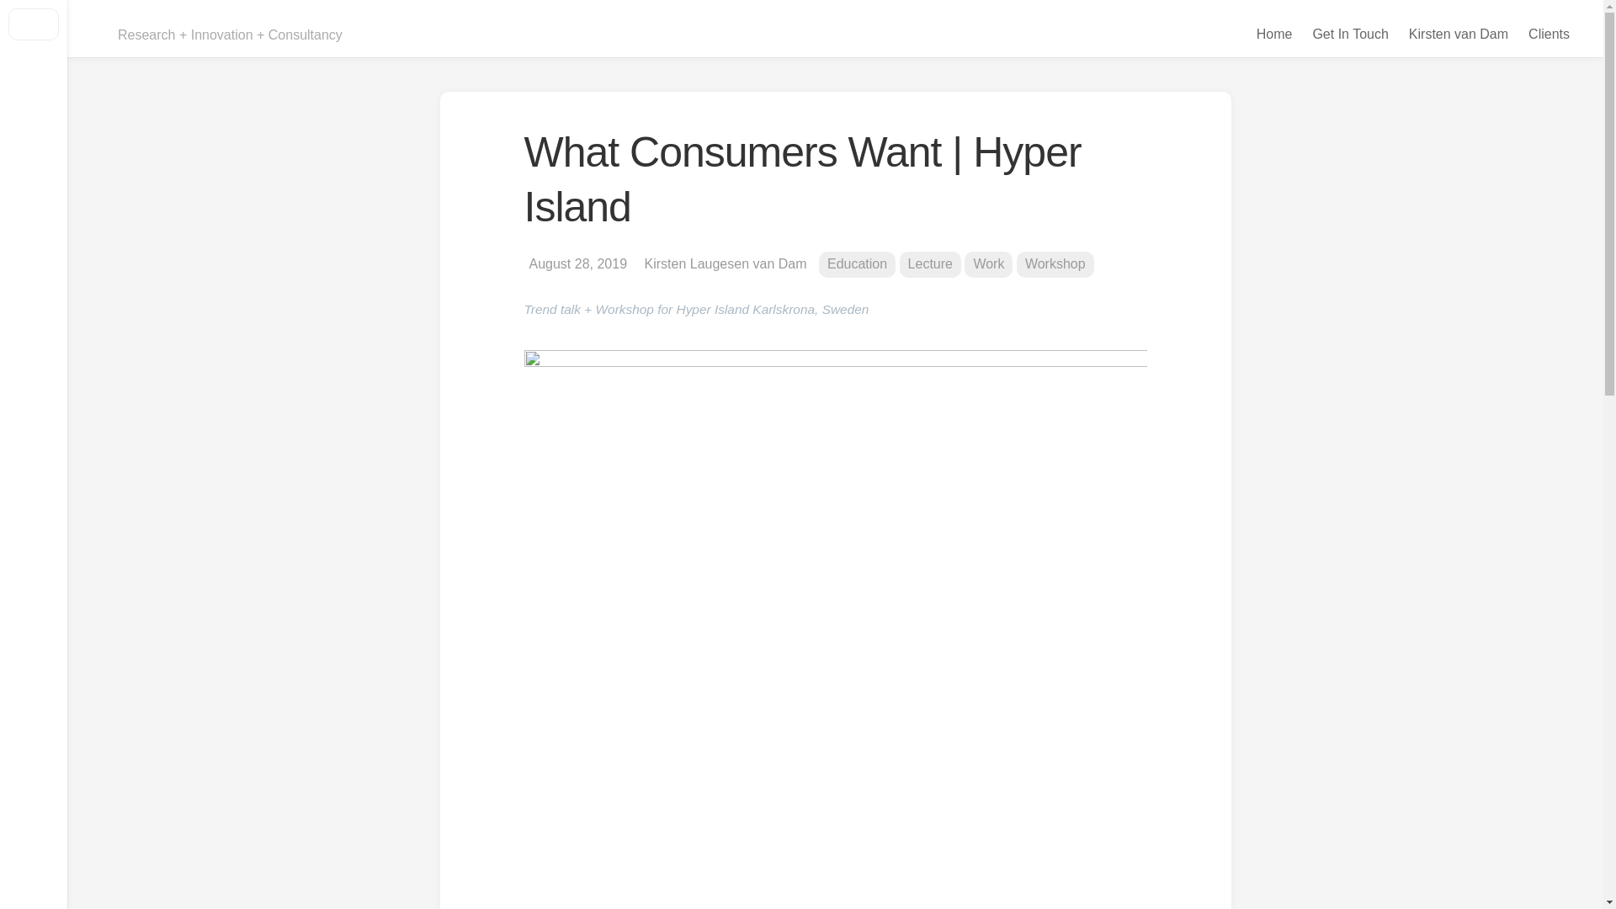 This screenshot has height=909, width=1616. I want to click on 'Kirsten Laugesen van Dam', so click(726, 263).